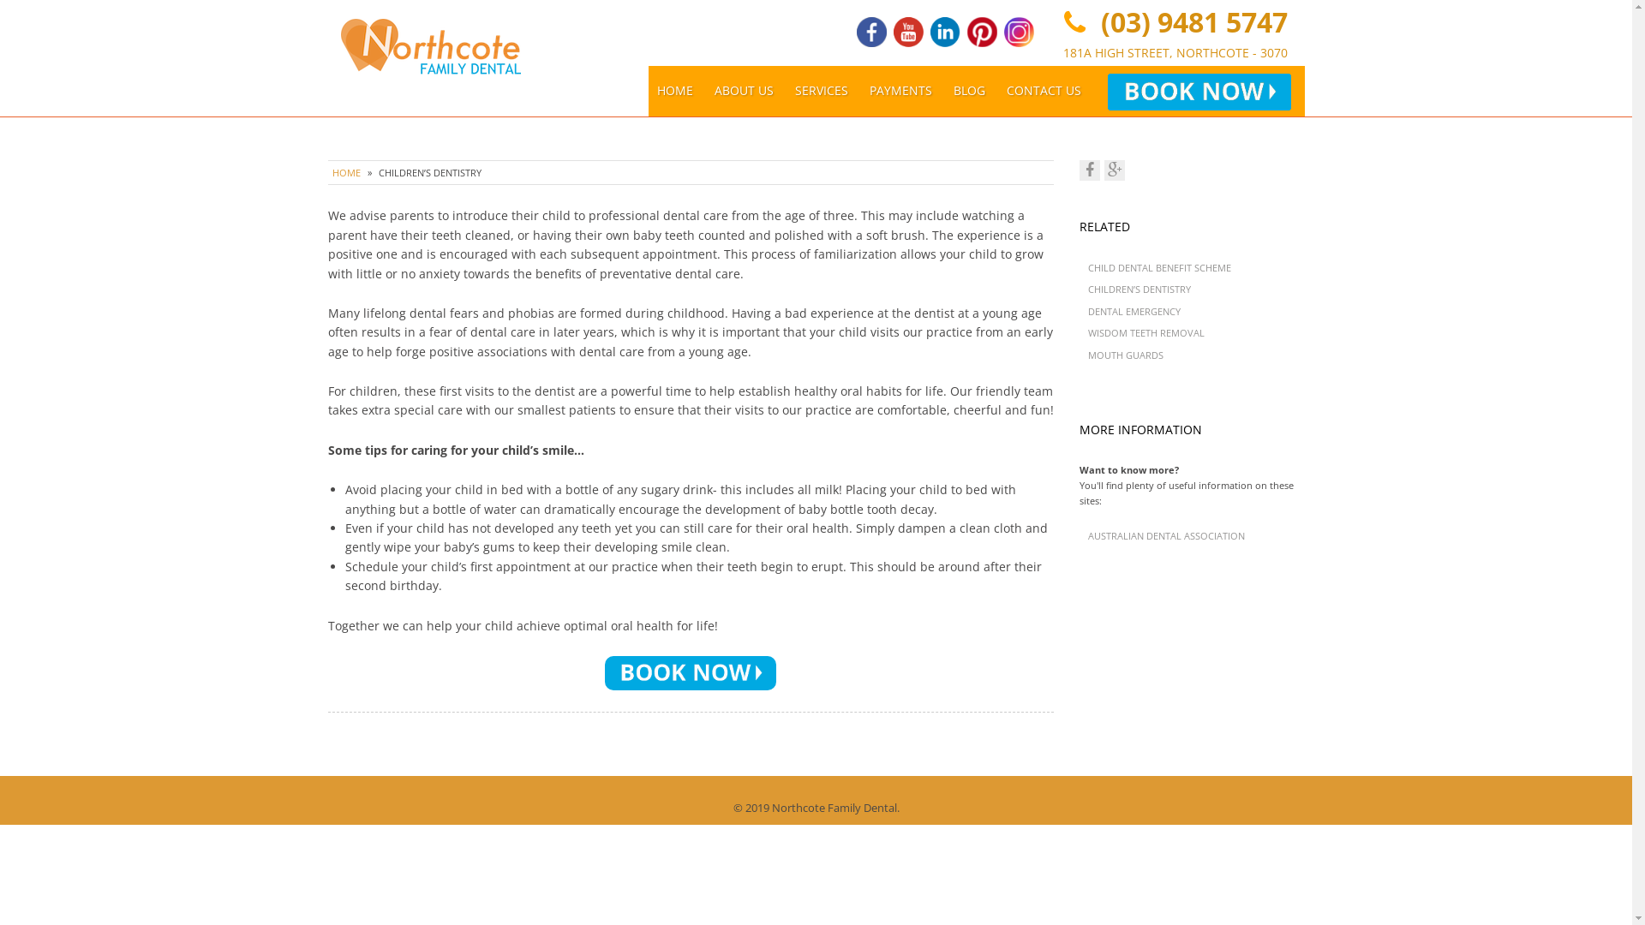  I want to click on 'ABOUT US', so click(744, 90).